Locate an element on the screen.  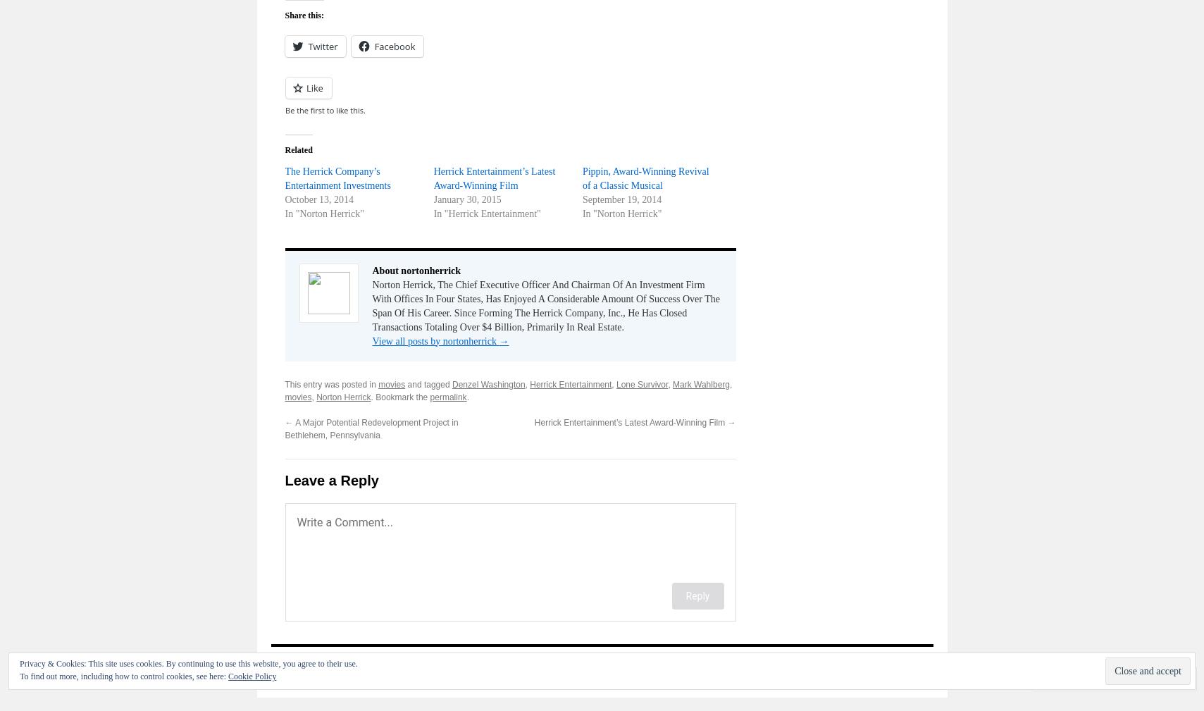
'Leave a Reply' is located at coordinates (330, 479).